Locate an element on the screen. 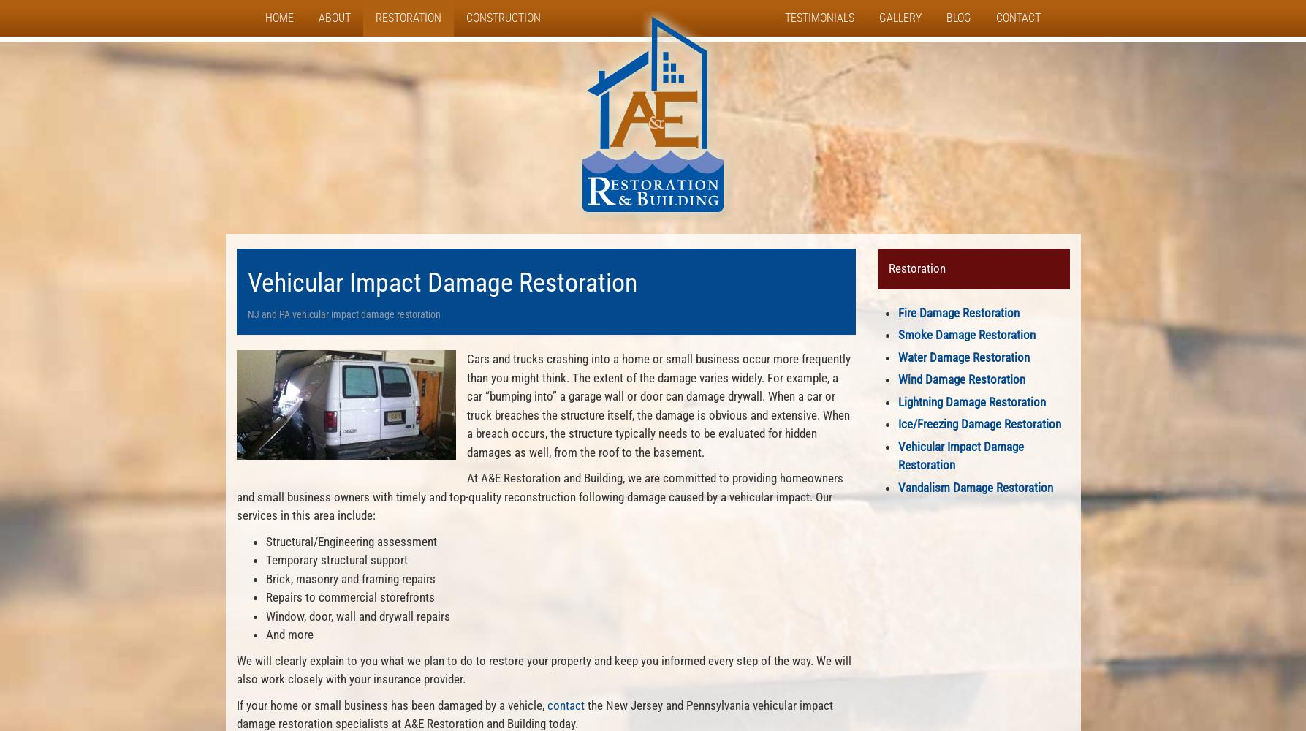 The image size is (1306, 731). 'Wind Damage Restoration' is located at coordinates (960, 379).